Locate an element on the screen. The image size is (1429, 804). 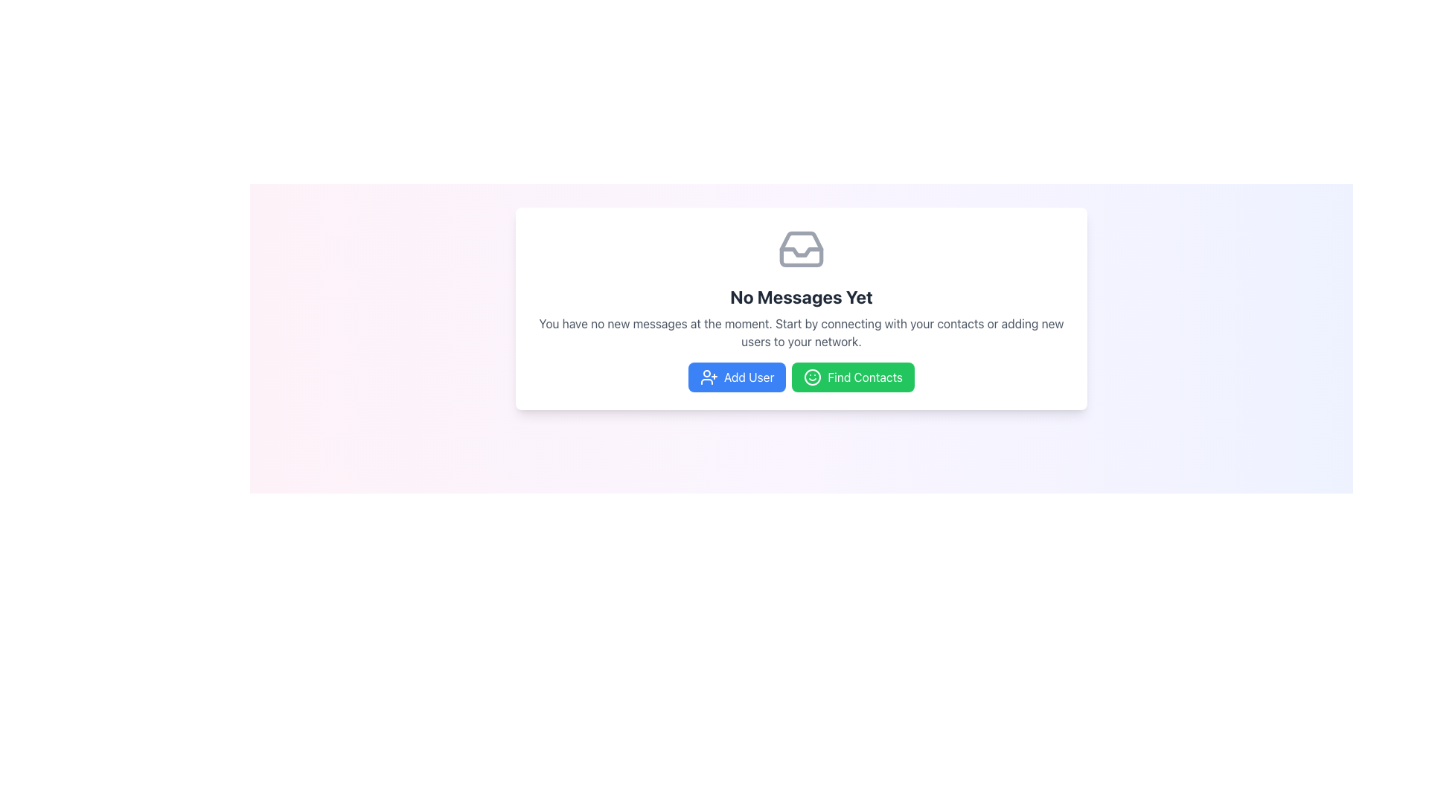
the 'Add User' or 'Find Contacts' button in the Button Group located at the bottom of the 'No Messages Yet' card is located at coordinates (800, 376).